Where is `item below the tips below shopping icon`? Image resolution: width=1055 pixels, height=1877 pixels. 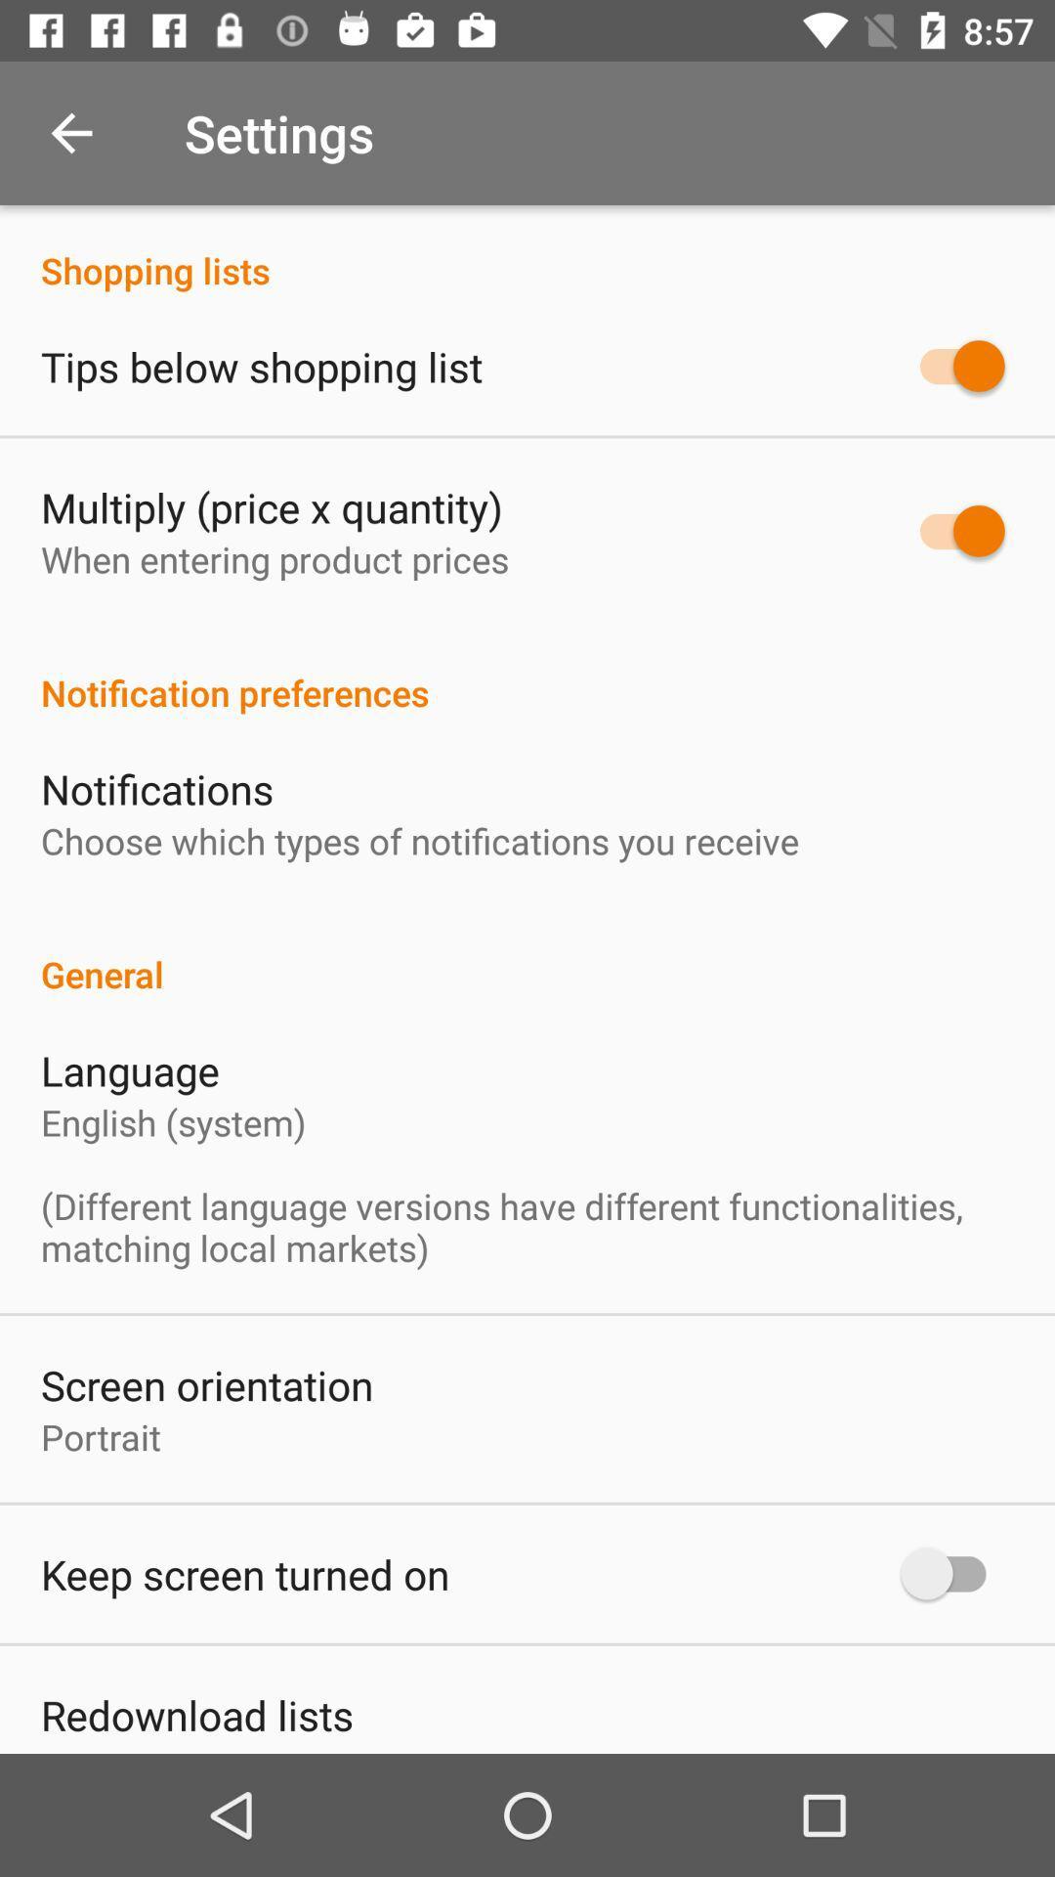
item below the tips below shopping icon is located at coordinates (272, 506).